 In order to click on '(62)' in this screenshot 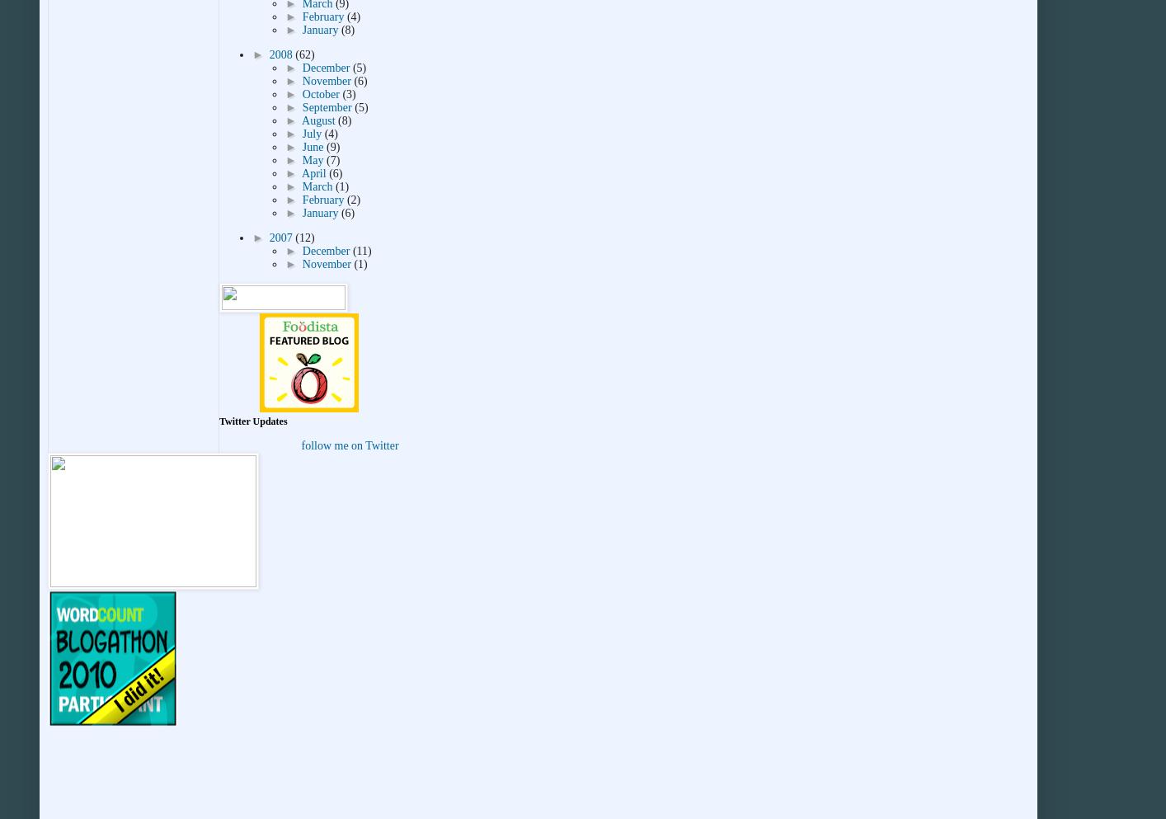, I will do `click(304, 54)`.